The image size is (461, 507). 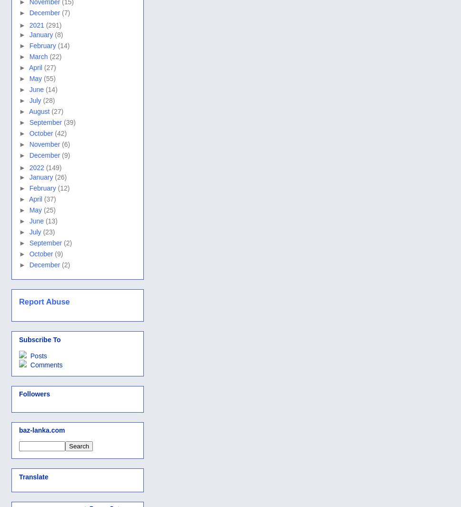 I want to click on 'Comments', so click(x=45, y=365).